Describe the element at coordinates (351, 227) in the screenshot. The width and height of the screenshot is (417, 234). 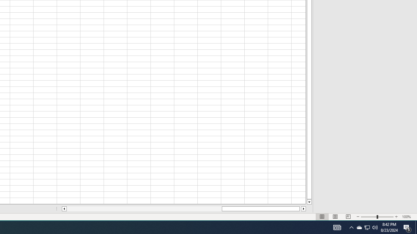
I see `'Notification Chevron'` at that location.